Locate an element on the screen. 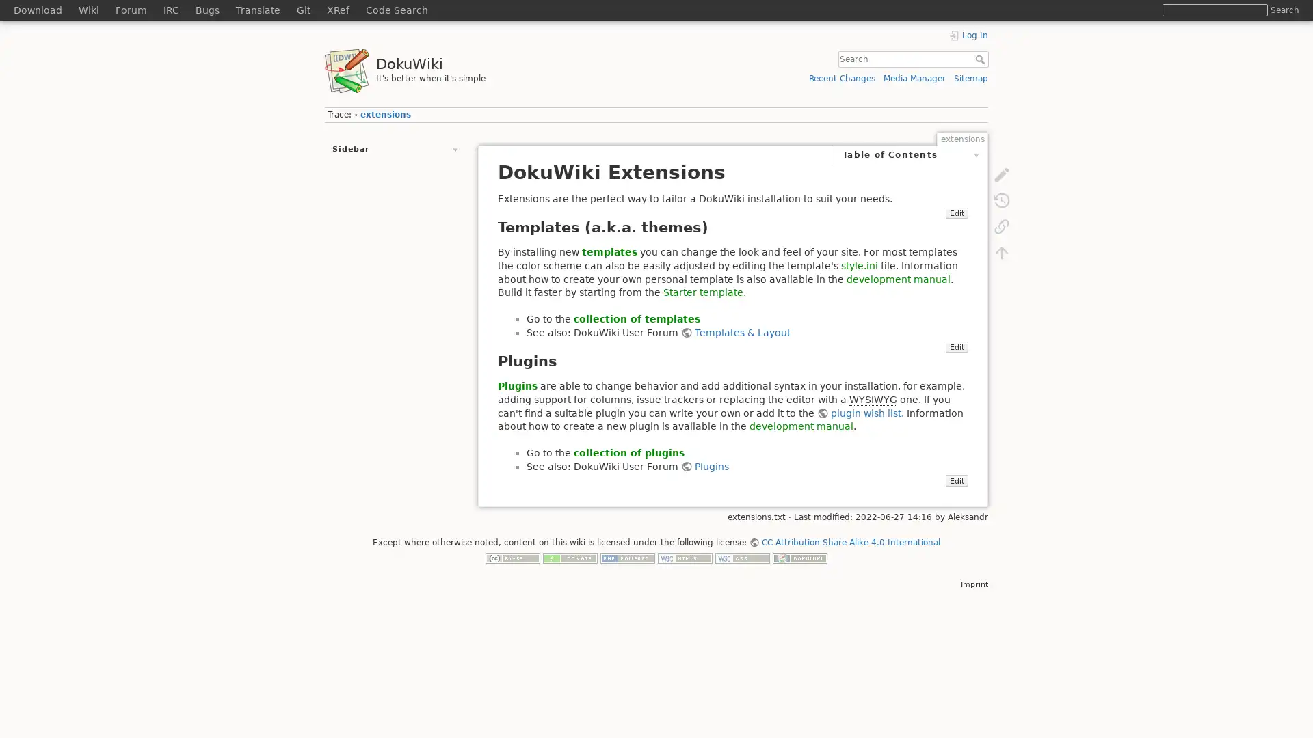  Search is located at coordinates (981, 59).